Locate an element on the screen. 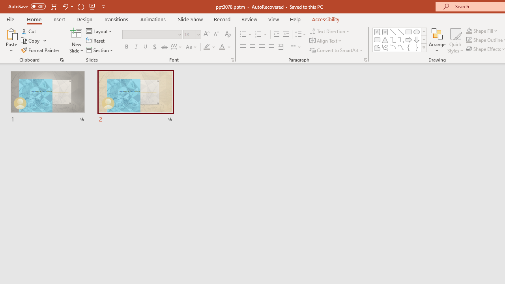 The image size is (505, 284). 'Shapes' is located at coordinates (423, 47).